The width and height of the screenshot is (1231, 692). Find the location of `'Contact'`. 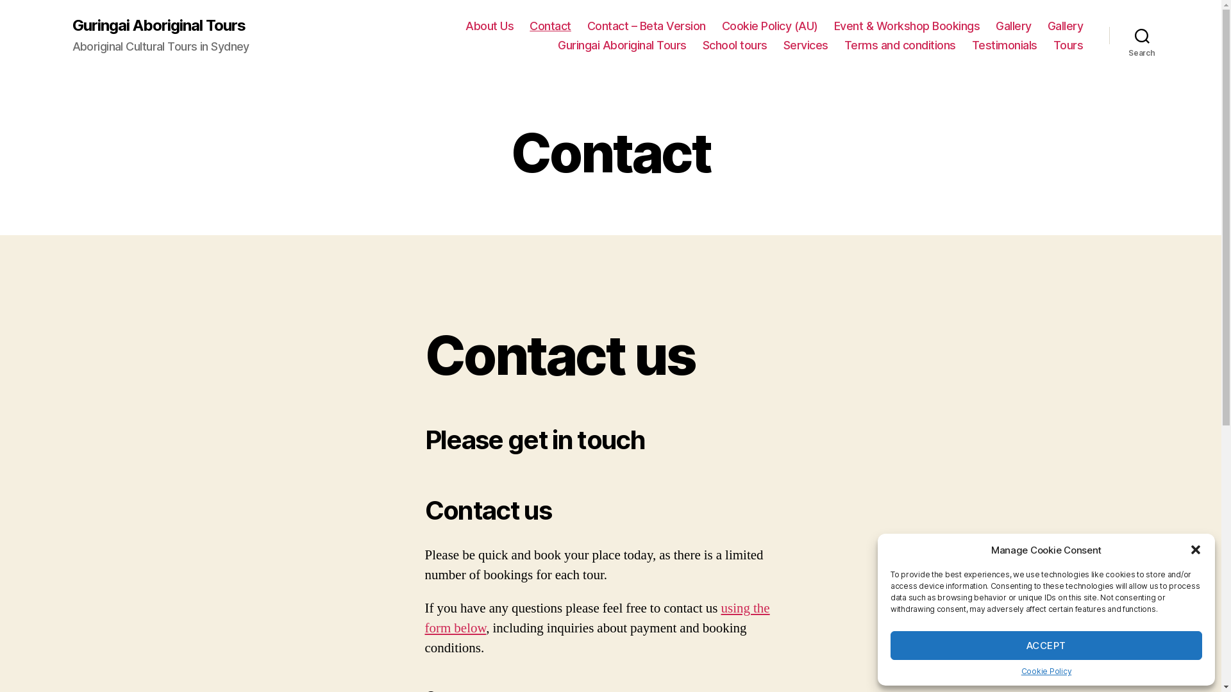

'Contact' is located at coordinates (550, 26).